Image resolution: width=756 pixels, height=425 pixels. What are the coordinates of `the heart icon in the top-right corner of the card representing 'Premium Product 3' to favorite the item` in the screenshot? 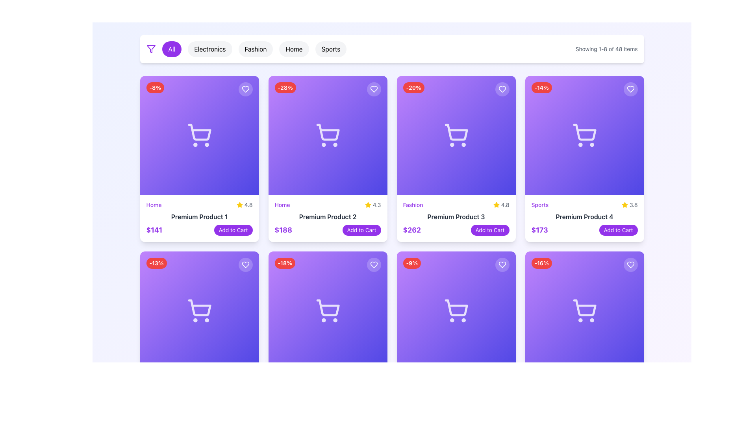 It's located at (502, 264).